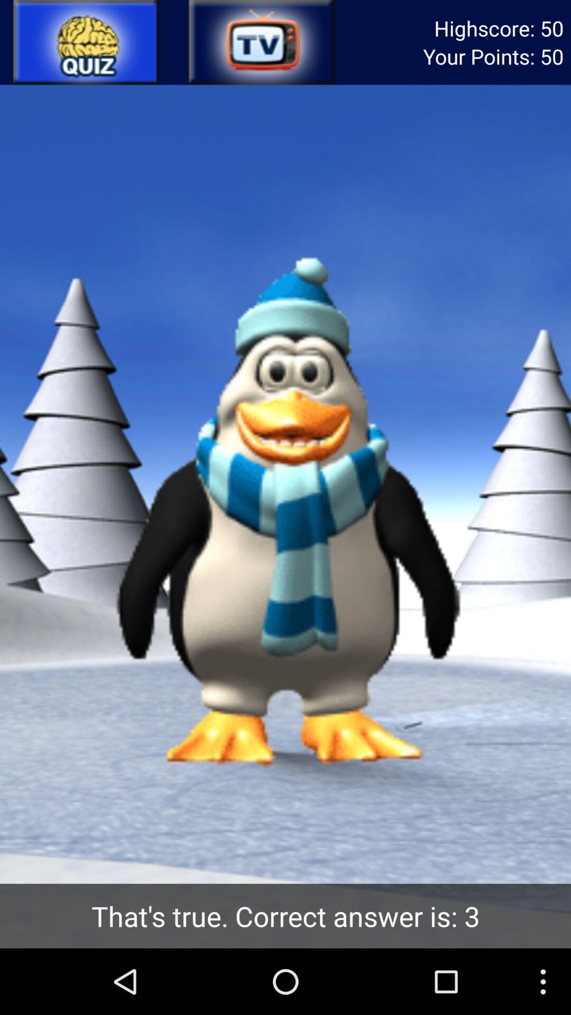 The width and height of the screenshot is (571, 1015). I want to click on the delete icon, so click(261, 44).